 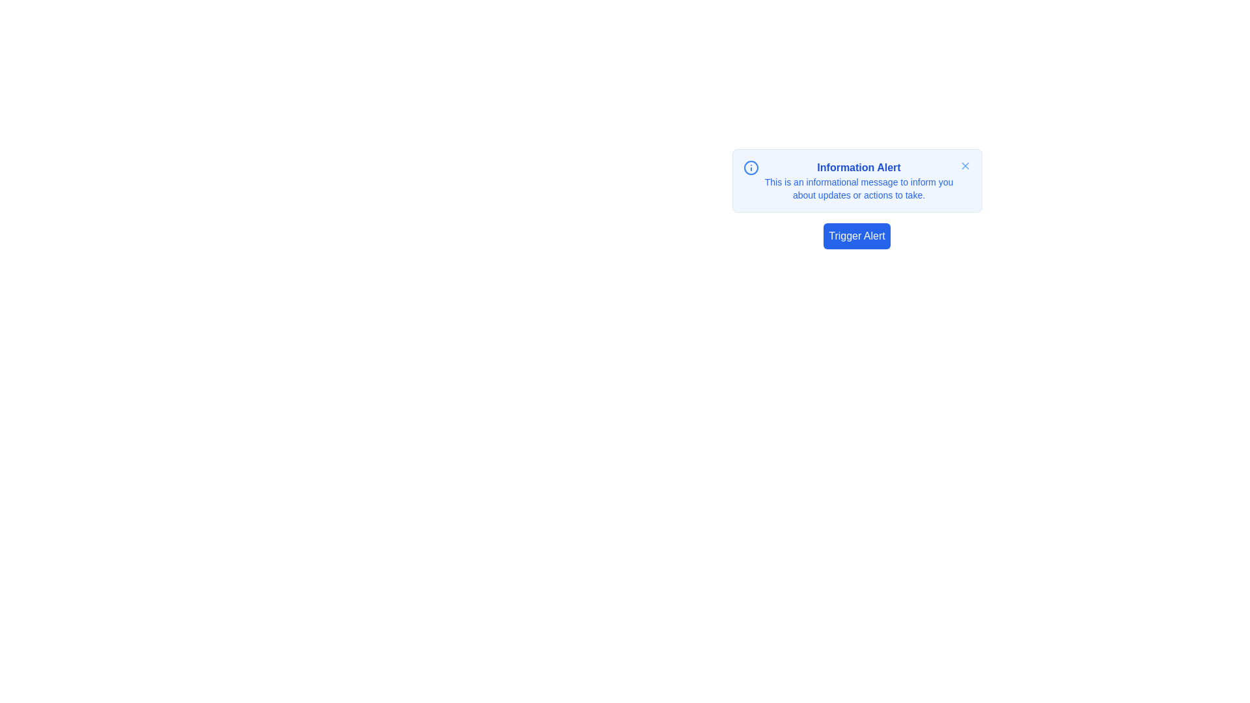 What do you see at coordinates (859, 167) in the screenshot?
I see `the static text element displaying 'Information Alert' in blue color, which is prominently styled and centrally located at the top of the notification box` at bounding box center [859, 167].